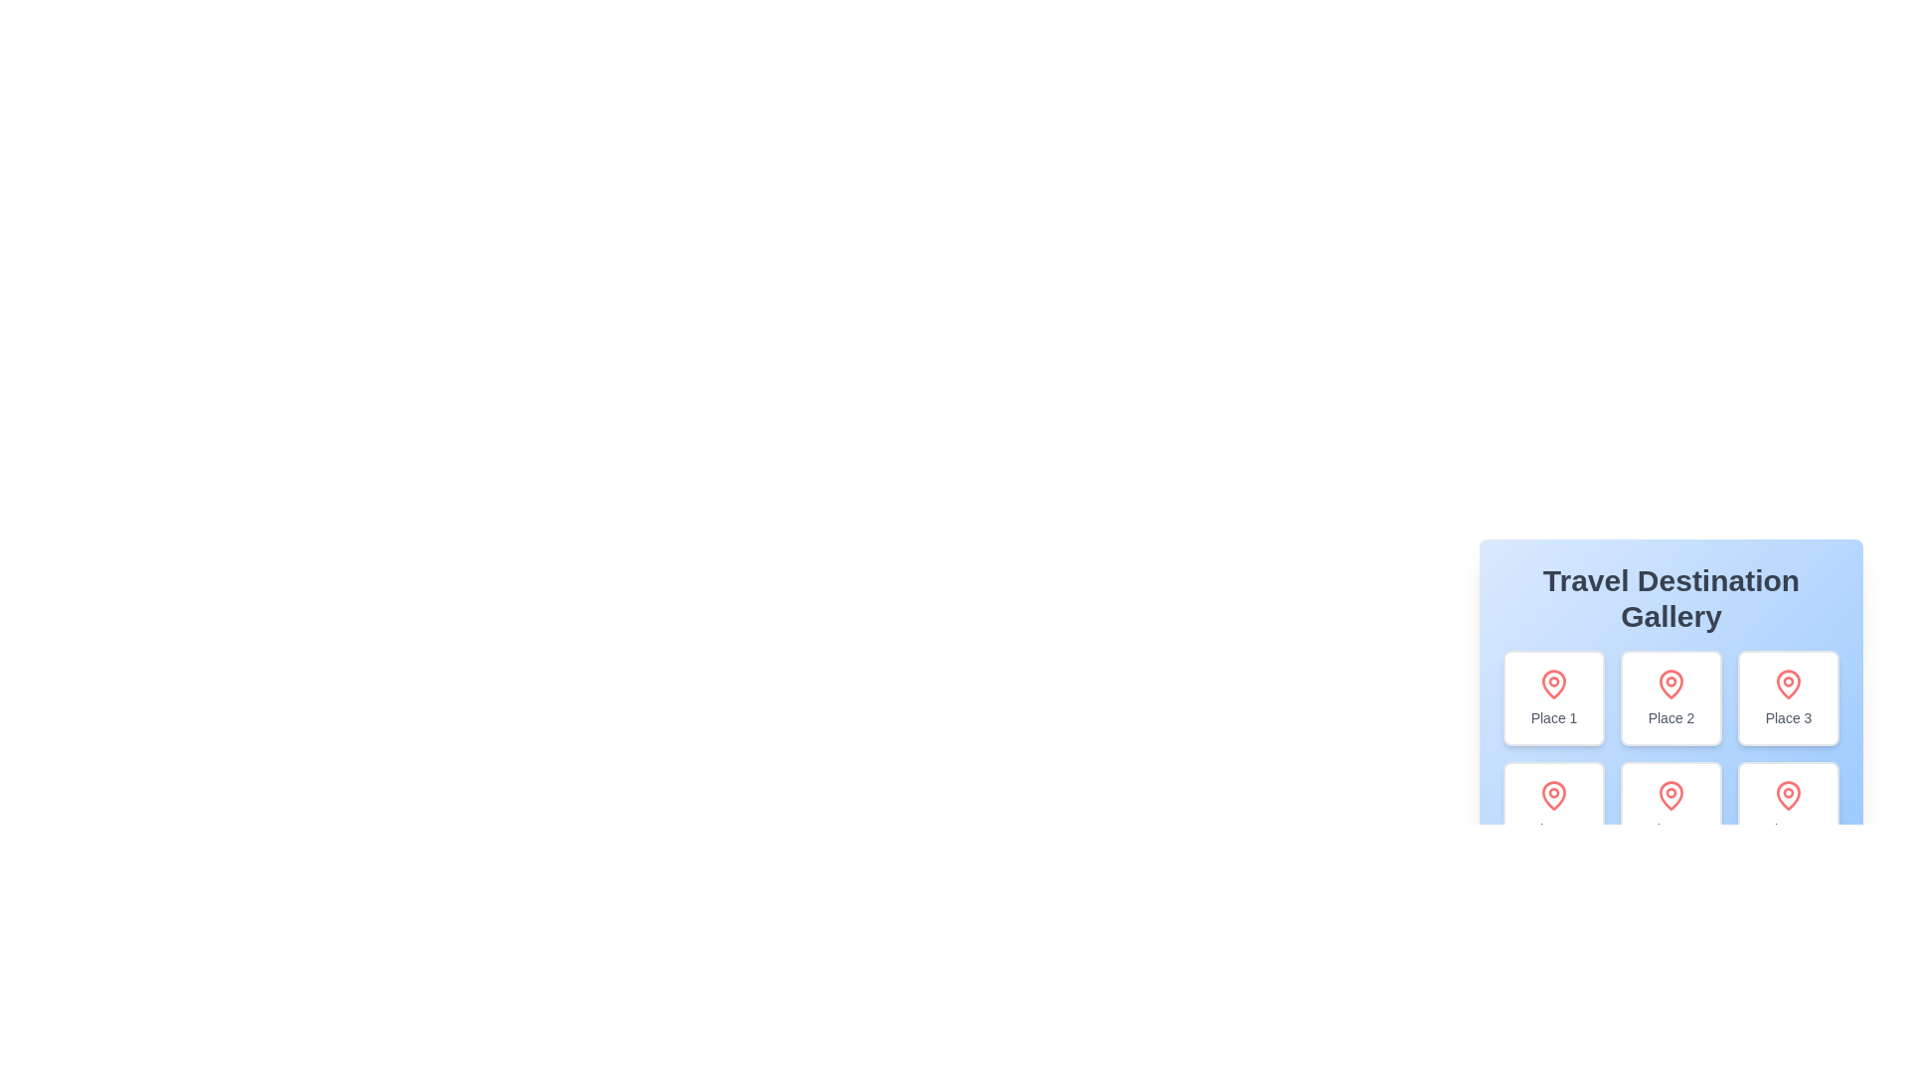  What do you see at coordinates (1669, 795) in the screenshot?
I see `the topmost icon within the card labeled 'Place 5', which is centrally aligned above the text label and surrounded by a rounded border` at bounding box center [1669, 795].